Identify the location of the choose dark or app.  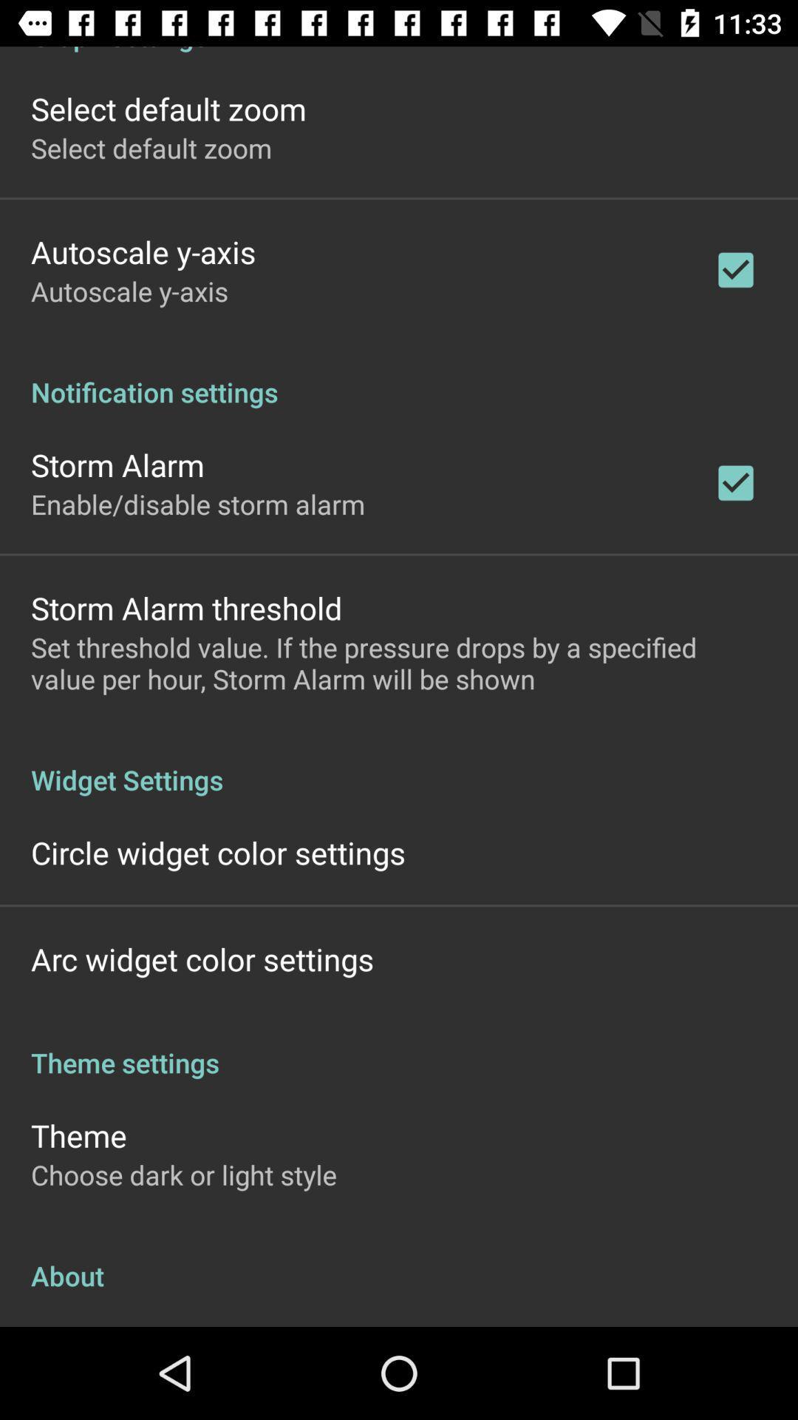
(183, 1174).